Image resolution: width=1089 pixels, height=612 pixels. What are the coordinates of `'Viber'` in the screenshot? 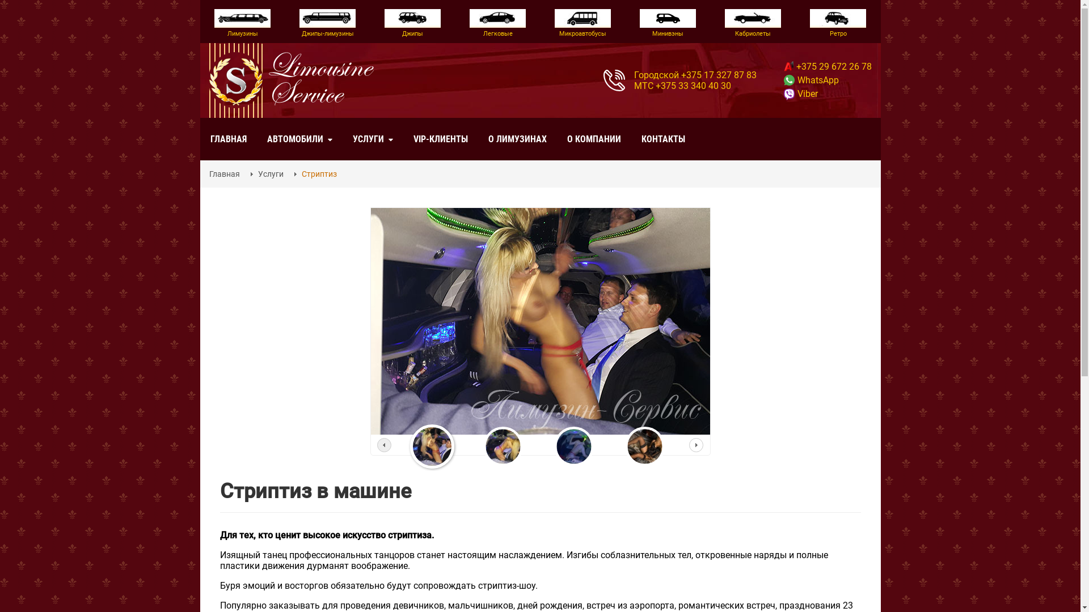 It's located at (800, 93).